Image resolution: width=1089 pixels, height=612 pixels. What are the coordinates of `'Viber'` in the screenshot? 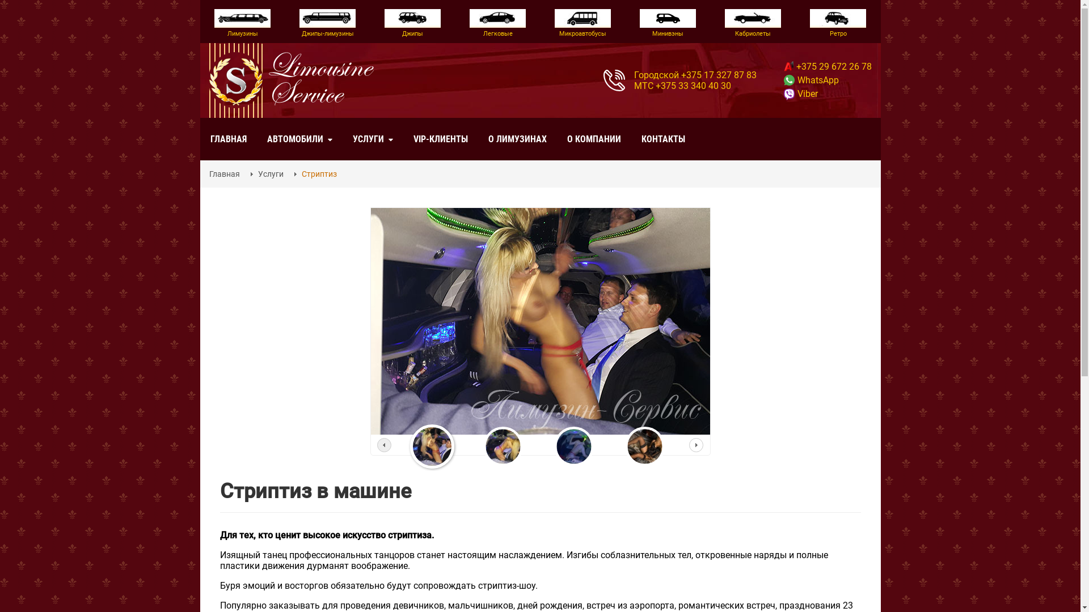 It's located at (800, 93).